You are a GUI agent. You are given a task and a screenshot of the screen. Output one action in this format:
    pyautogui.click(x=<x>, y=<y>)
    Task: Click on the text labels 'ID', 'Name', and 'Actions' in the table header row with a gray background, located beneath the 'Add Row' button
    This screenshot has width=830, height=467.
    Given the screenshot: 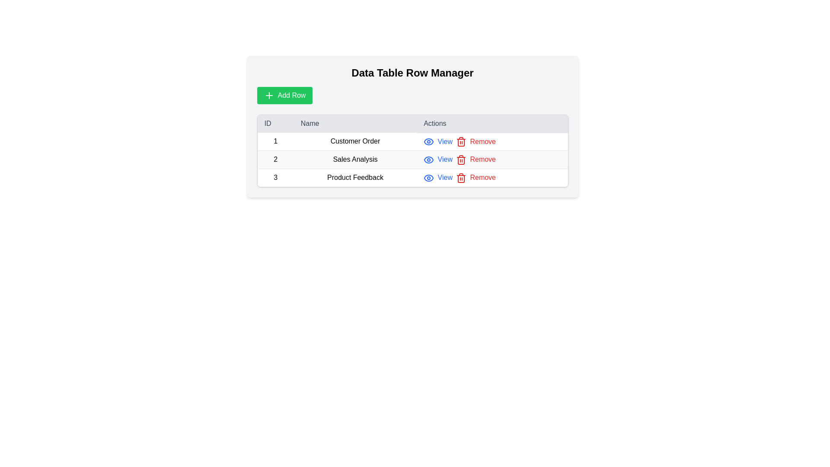 What is the action you would take?
    pyautogui.click(x=412, y=124)
    